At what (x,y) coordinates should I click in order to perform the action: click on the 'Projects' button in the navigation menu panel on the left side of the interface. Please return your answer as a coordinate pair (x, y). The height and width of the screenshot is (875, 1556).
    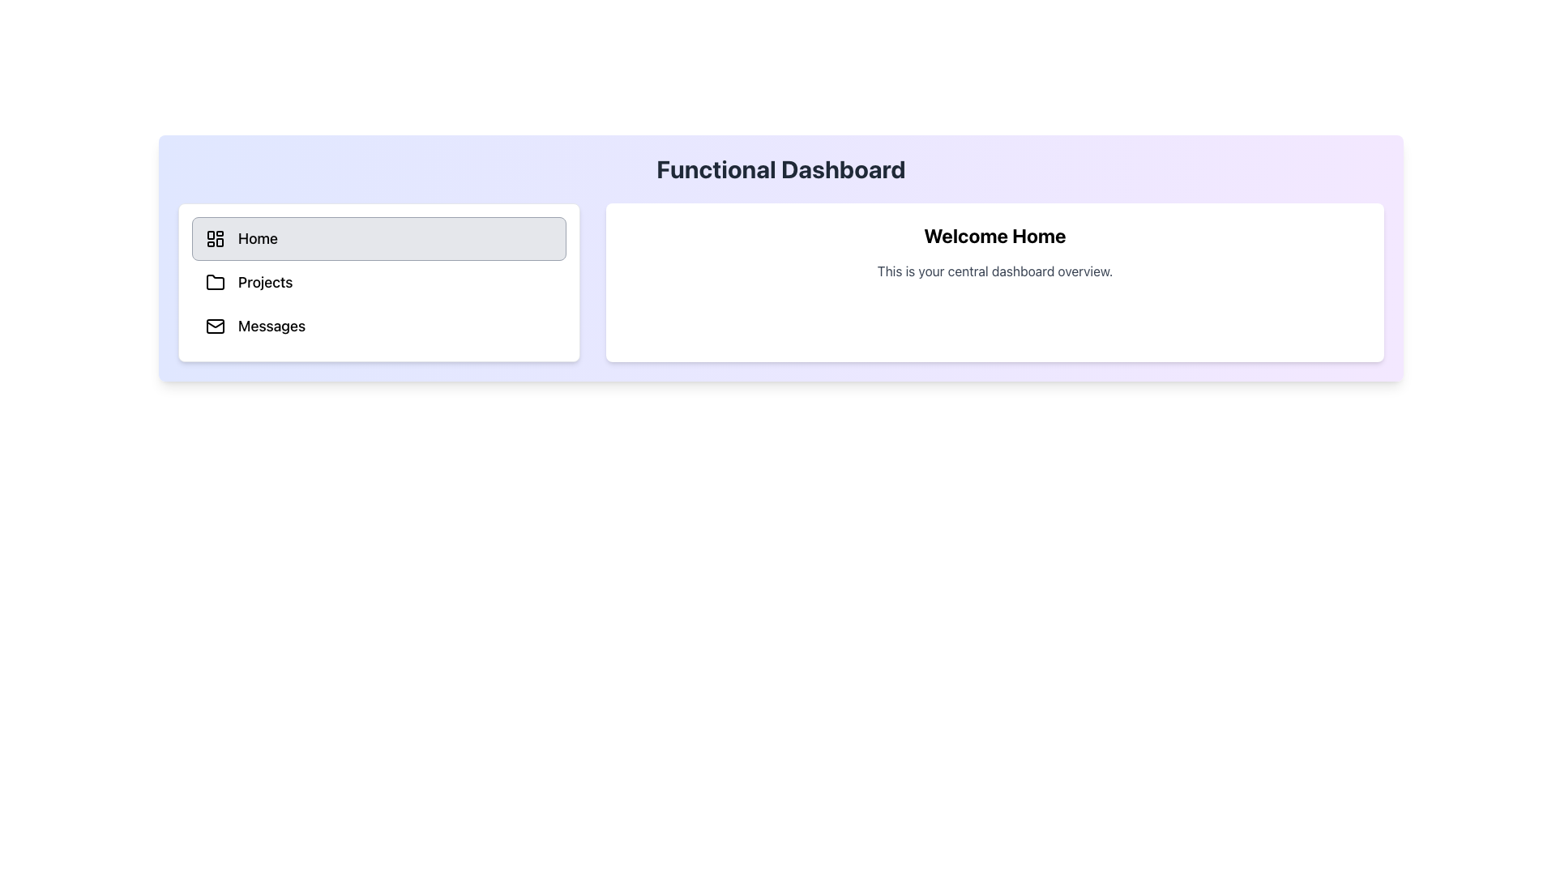
    Looking at the image, I should click on (378, 281).